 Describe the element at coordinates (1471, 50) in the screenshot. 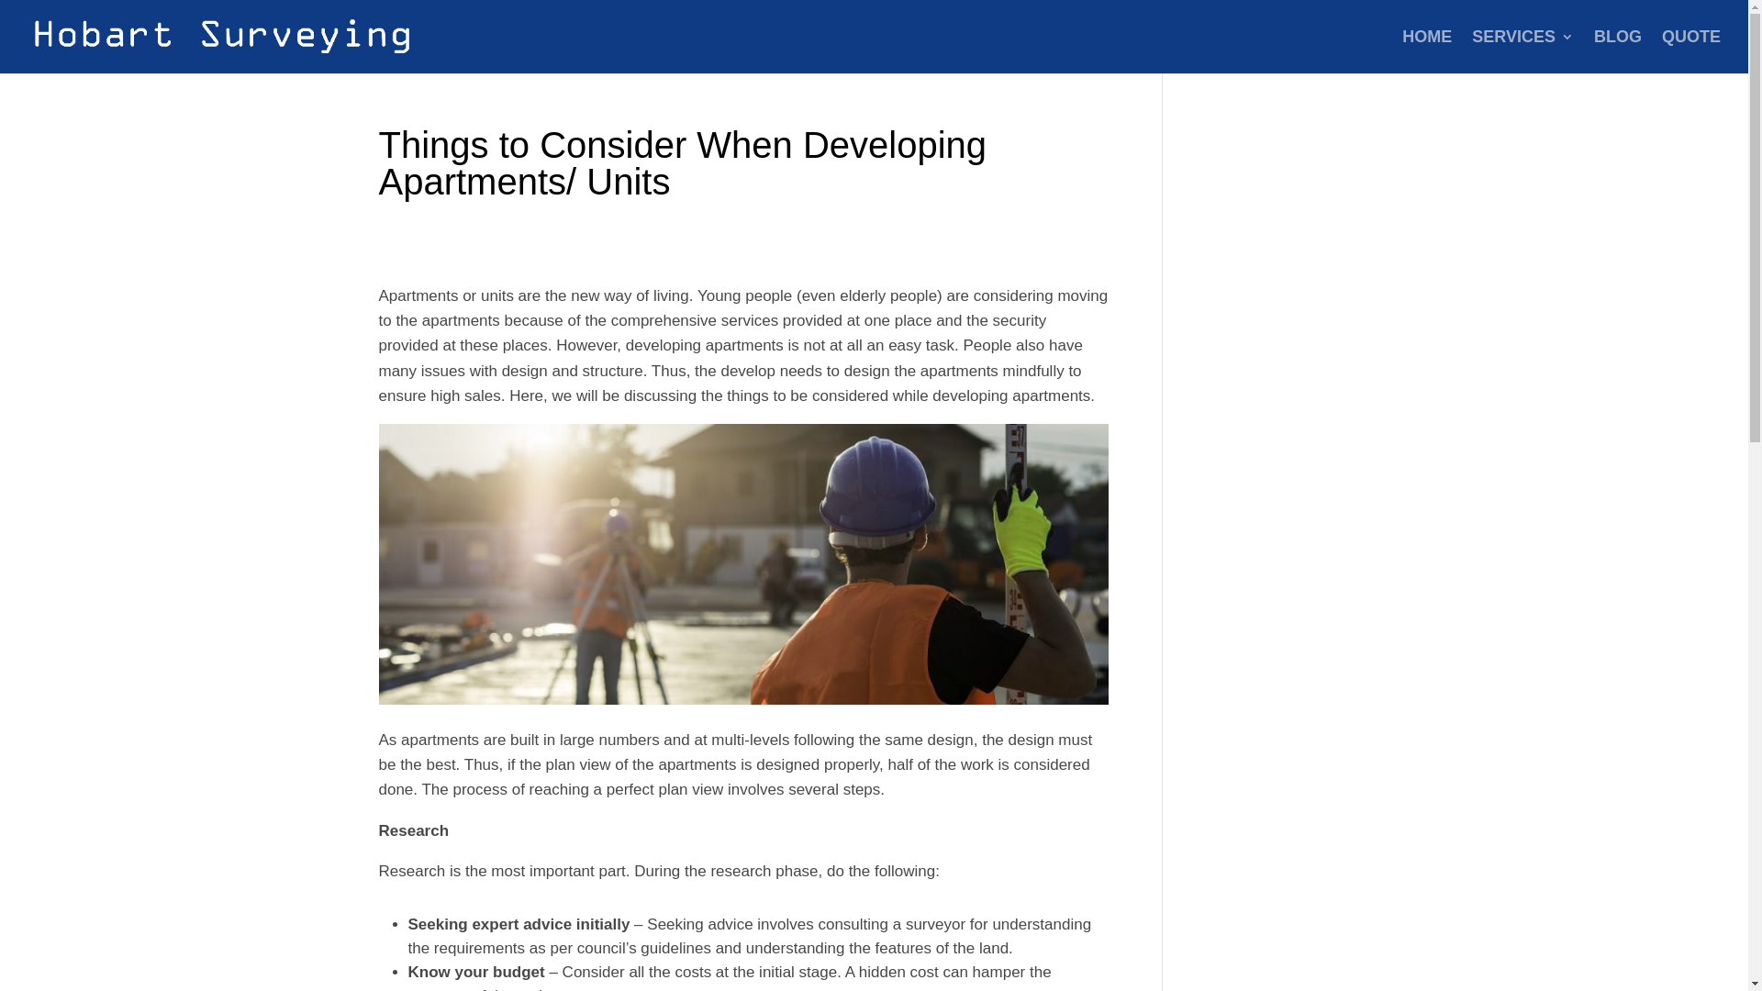

I see `'SERVICES'` at that location.